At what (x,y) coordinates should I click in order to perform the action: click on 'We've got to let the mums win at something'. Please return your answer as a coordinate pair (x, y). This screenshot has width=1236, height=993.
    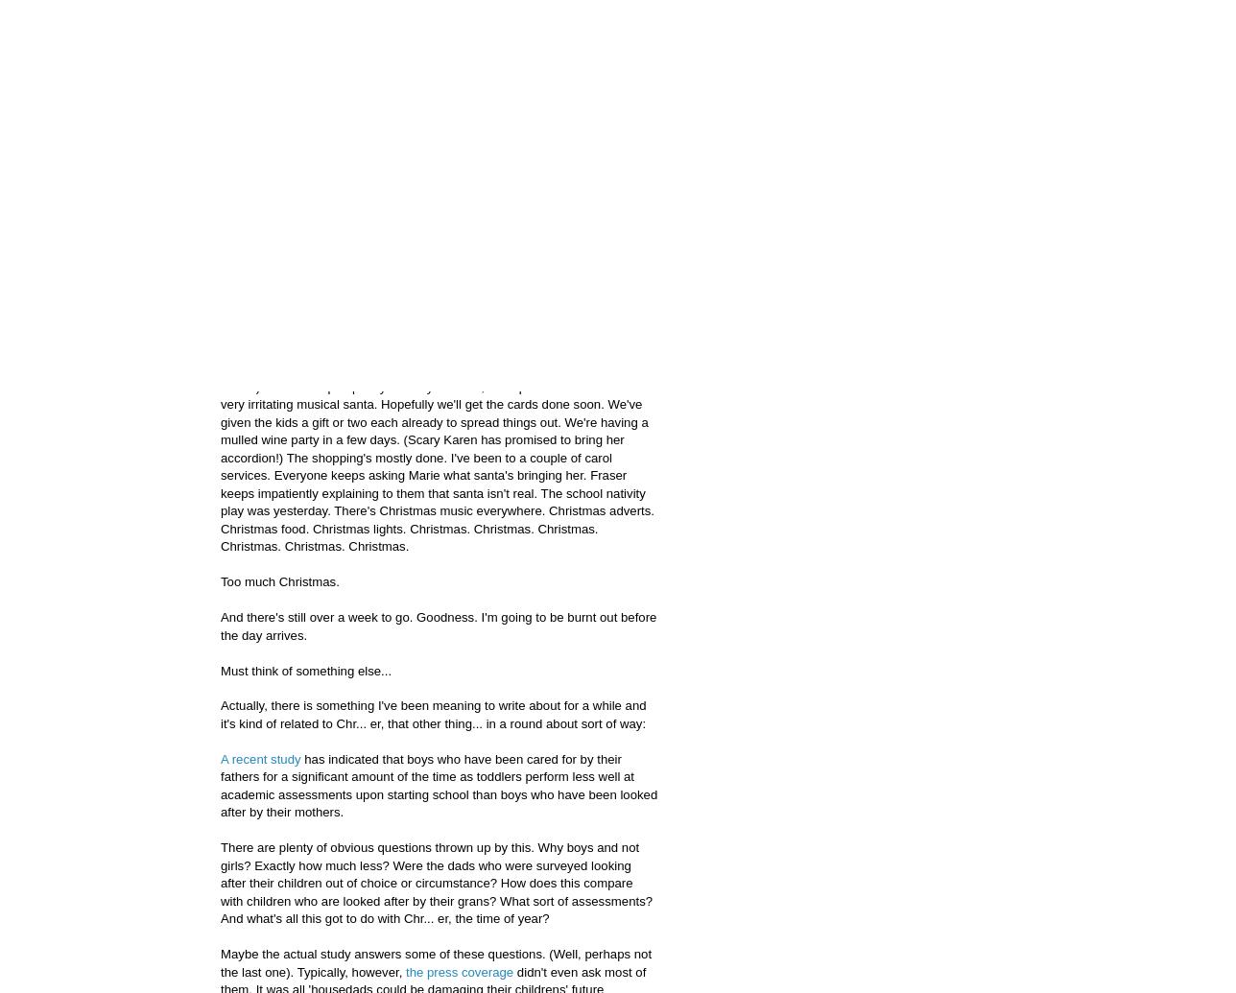
    Looking at the image, I should click on (221, 243).